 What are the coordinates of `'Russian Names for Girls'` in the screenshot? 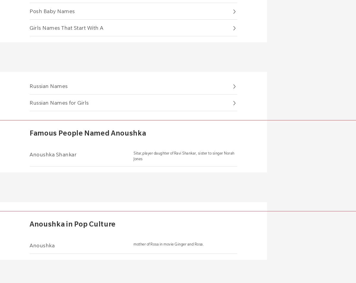 It's located at (59, 102).